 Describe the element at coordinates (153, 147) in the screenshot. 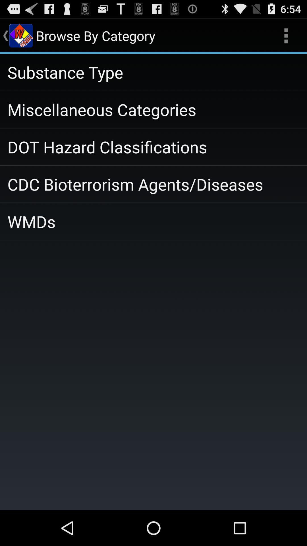

I see `the dot hazard classifications app` at that location.